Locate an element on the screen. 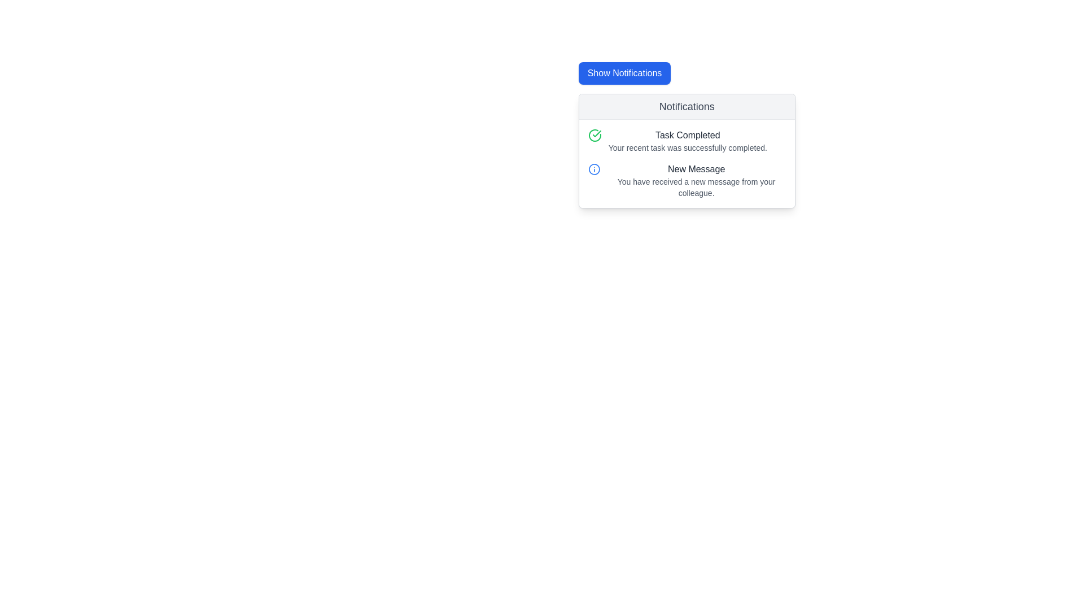 The image size is (1084, 610). the top notification item displaying 'Task Completed' with a green checkmark icon and two text lines is located at coordinates (686, 141).